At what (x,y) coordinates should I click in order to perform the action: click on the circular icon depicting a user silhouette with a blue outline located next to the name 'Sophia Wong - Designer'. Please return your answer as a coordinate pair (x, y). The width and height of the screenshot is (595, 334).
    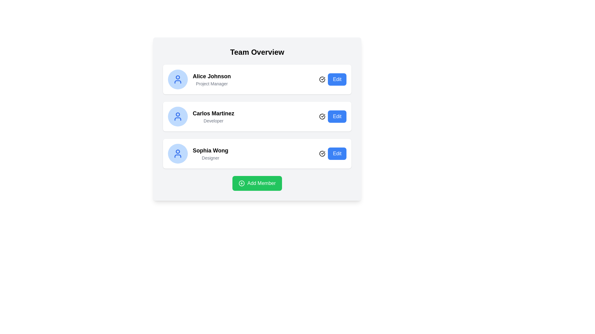
    Looking at the image, I should click on (178, 153).